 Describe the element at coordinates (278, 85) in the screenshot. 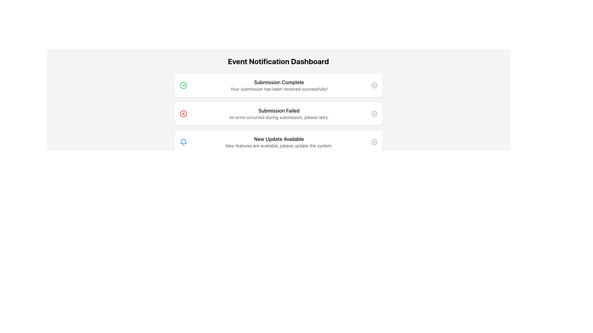

I see `the Notification card titled 'Submission Complete', which includes the message 'Your submission has been received successfully!'. This card is the first in a group of notifications located beneath the 'Event Notification Dashboard'` at that location.